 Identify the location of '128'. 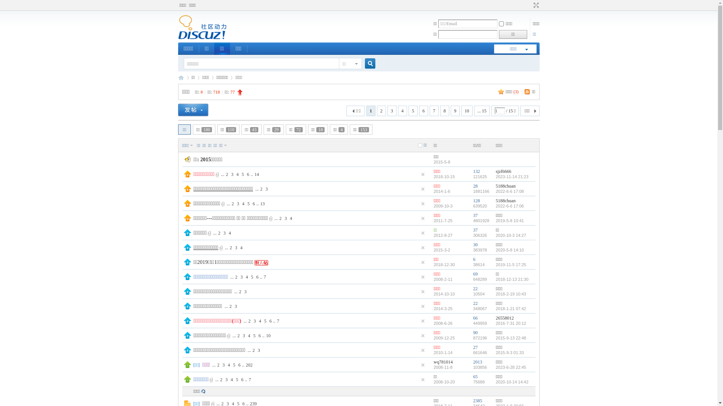
(476, 200).